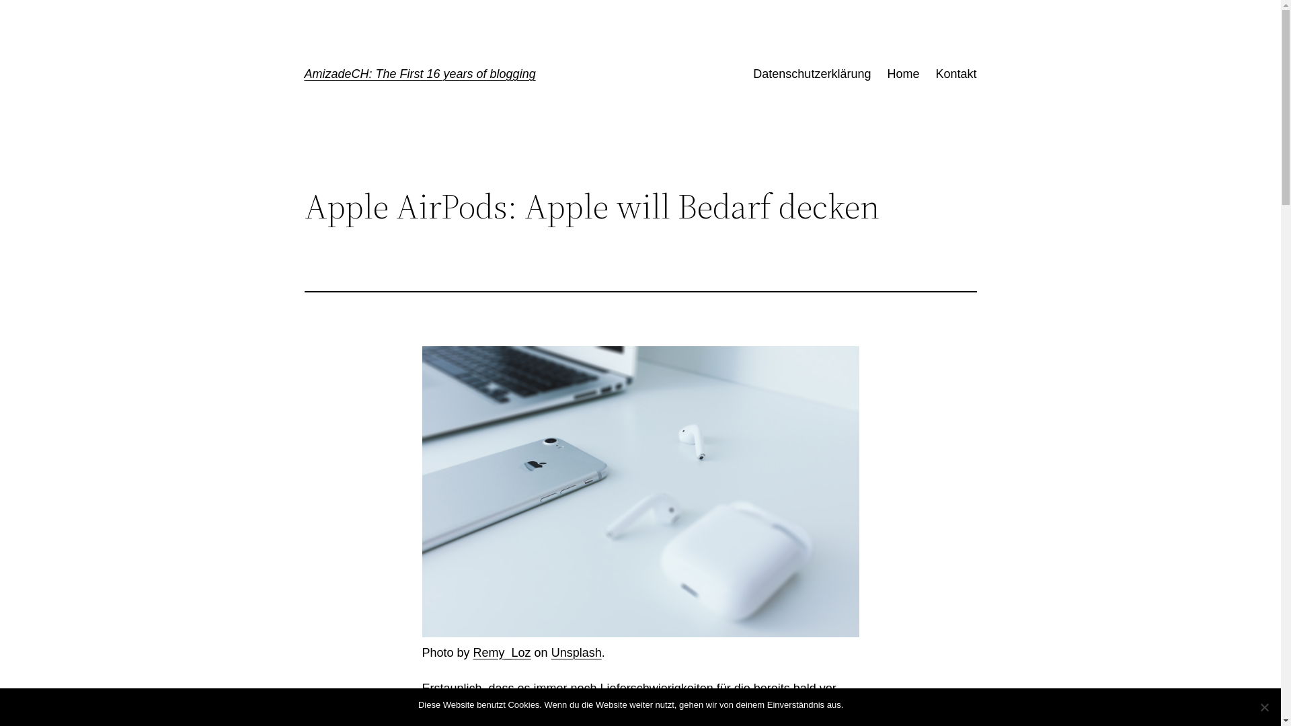 The image size is (1291, 726). What do you see at coordinates (502, 652) in the screenshot?
I see `'Remy_Loz'` at bounding box center [502, 652].